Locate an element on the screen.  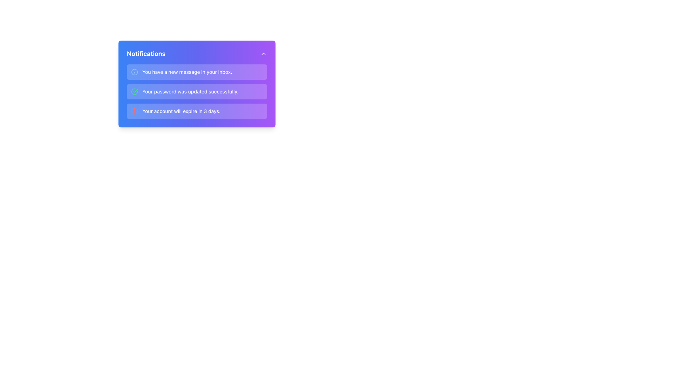
the circular graphical element within the alert icon that indicates warnings or notifications, positioned at the right side of the notification text 'Your account will expire in 3 days.' is located at coordinates (135, 111).